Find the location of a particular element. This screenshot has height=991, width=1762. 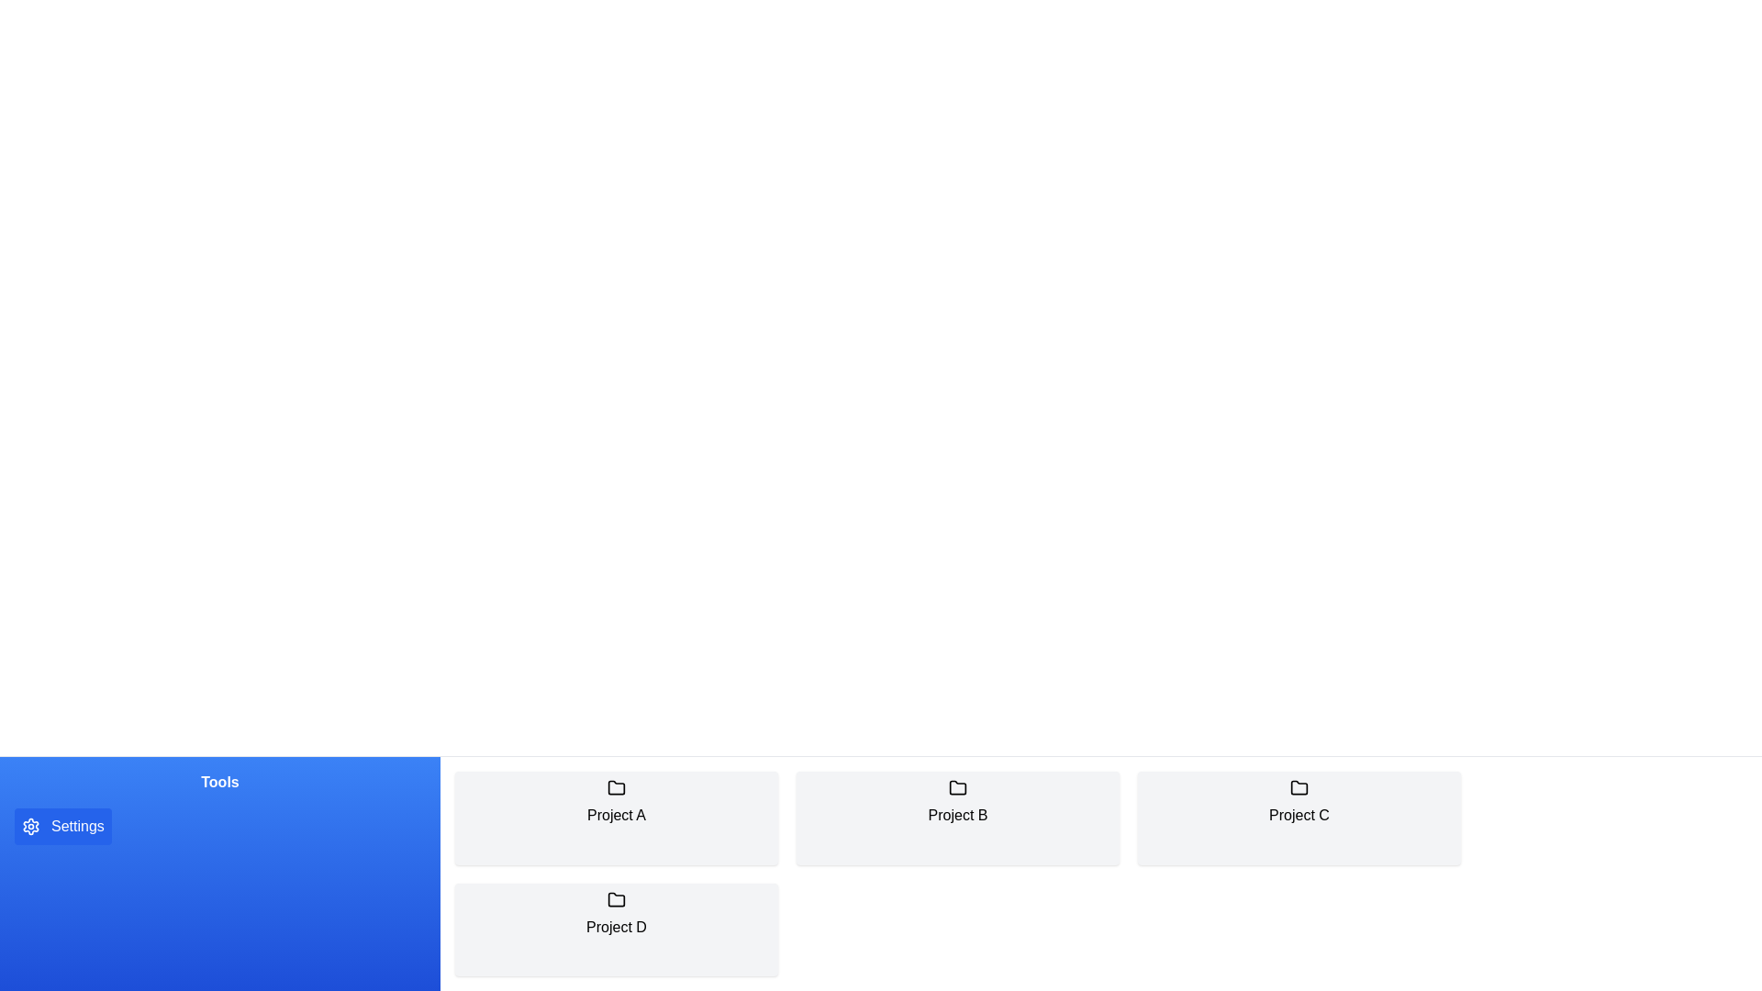

the folder icon labeled 'Project B' located is located at coordinates (956, 785).